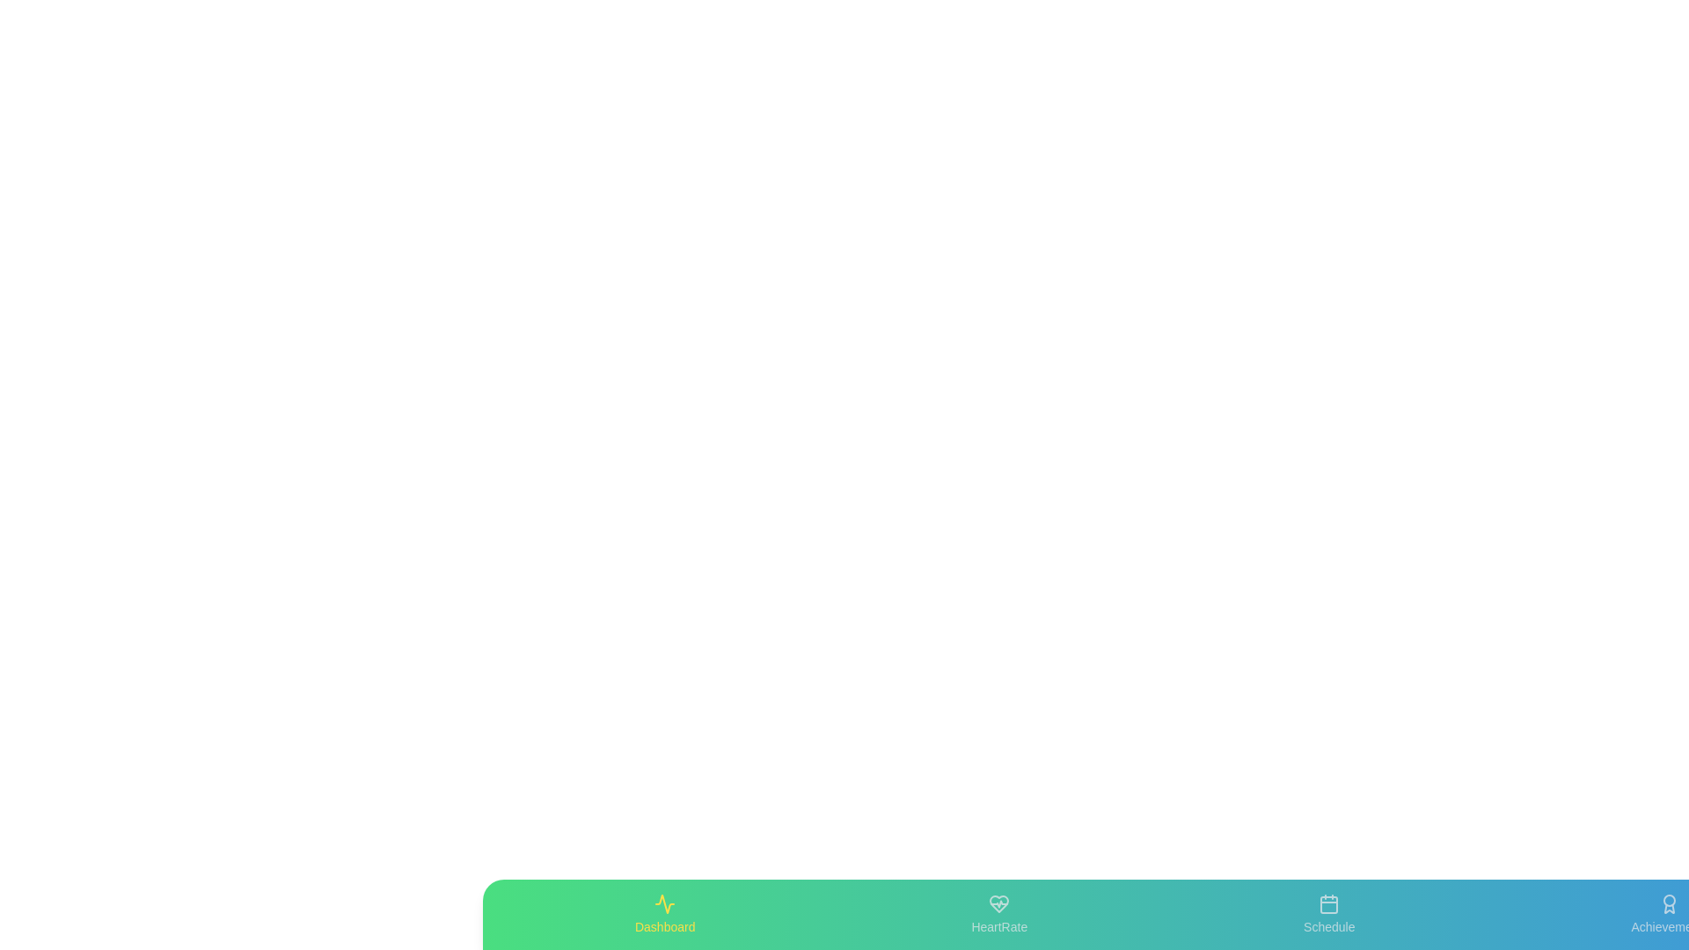  I want to click on the Achievements tab in the navigation bar, so click(1668, 914).